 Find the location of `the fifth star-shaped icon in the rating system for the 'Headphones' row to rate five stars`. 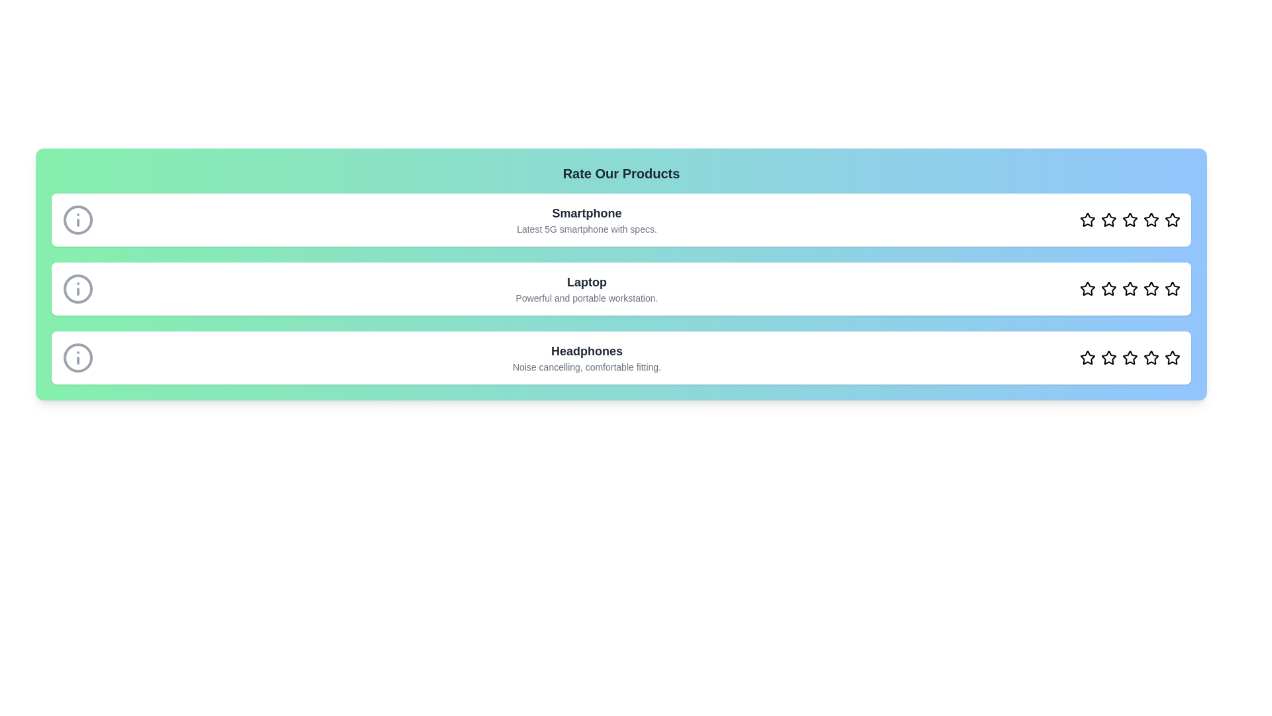

the fifth star-shaped icon in the rating system for the 'Headphones' row to rate five stars is located at coordinates (1173, 358).